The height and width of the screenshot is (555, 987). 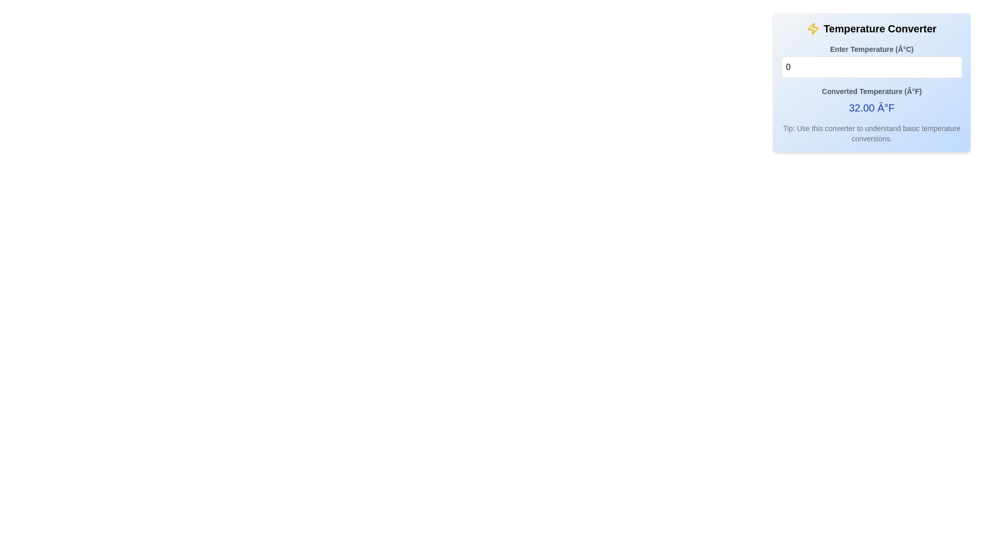 What do you see at coordinates (871, 107) in the screenshot?
I see `the static text label that displays the converted temperature in Fahrenheit, located beneath 'Converted Temperature (°F)'` at bounding box center [871, 107].